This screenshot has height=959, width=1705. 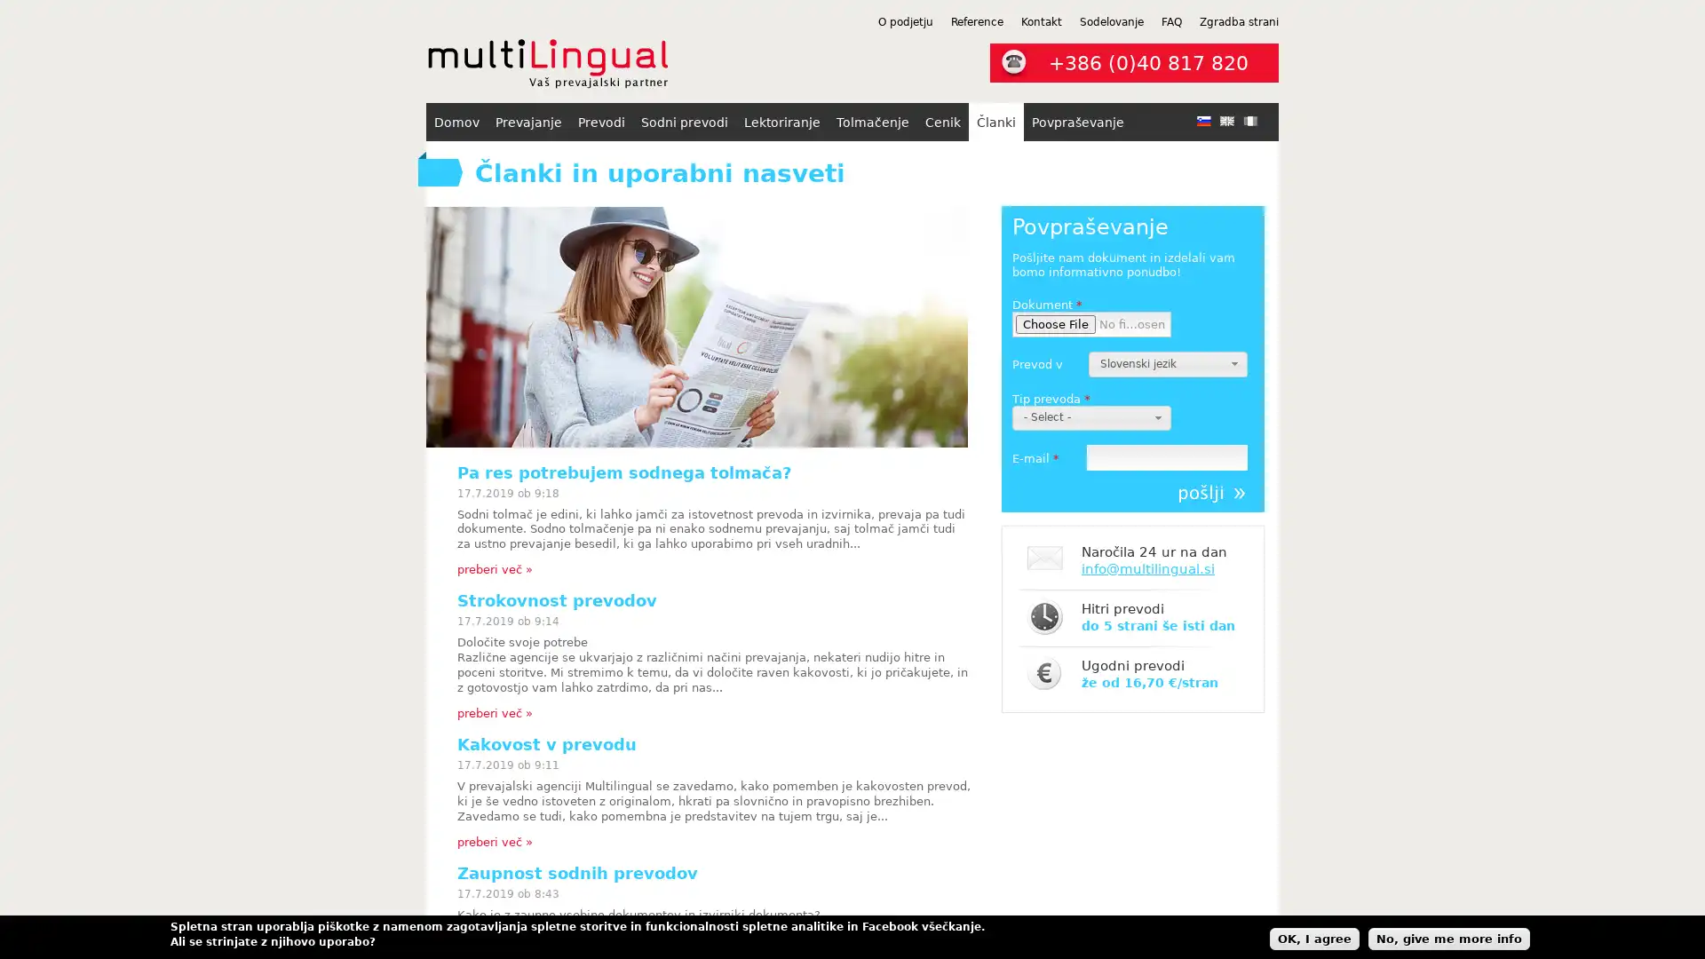 What do you see at coordinates (1449, 937) in the screenshot?
I see `No, give me more info` at bounding box center [1449, 937].